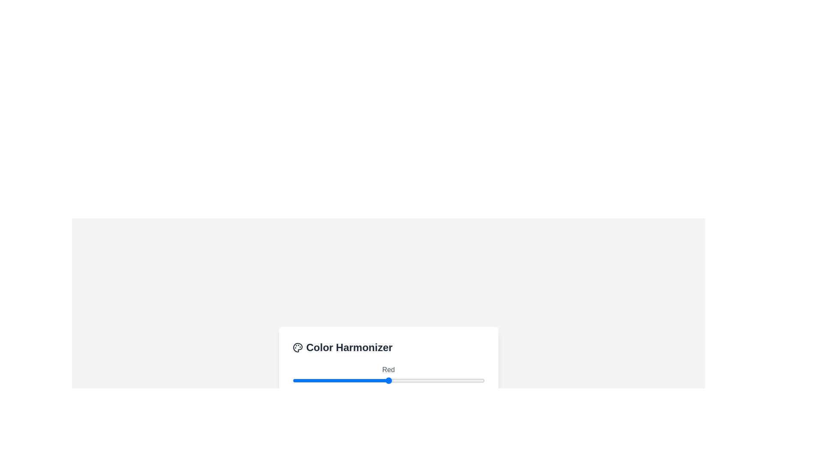 The height and width of the screenshot is (463, 823). What do you see at coordinates (371, 380) in the screenshot?
I see `the red slider to set its value to 105` at bounding box center [371, 380].